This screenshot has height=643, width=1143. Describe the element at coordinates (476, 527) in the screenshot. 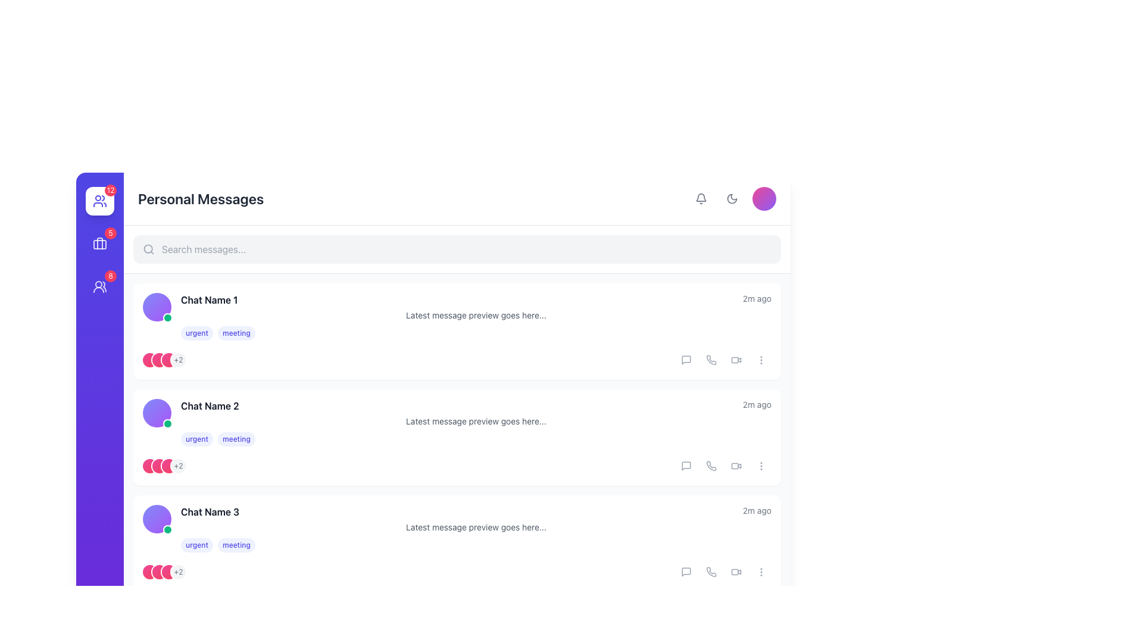

I see `the text label that reads 'Latest message preview goes here...' located in the third chat entry below 'Chat Name 3' and above the labels 'urgent' and 'meeting'` at that location.